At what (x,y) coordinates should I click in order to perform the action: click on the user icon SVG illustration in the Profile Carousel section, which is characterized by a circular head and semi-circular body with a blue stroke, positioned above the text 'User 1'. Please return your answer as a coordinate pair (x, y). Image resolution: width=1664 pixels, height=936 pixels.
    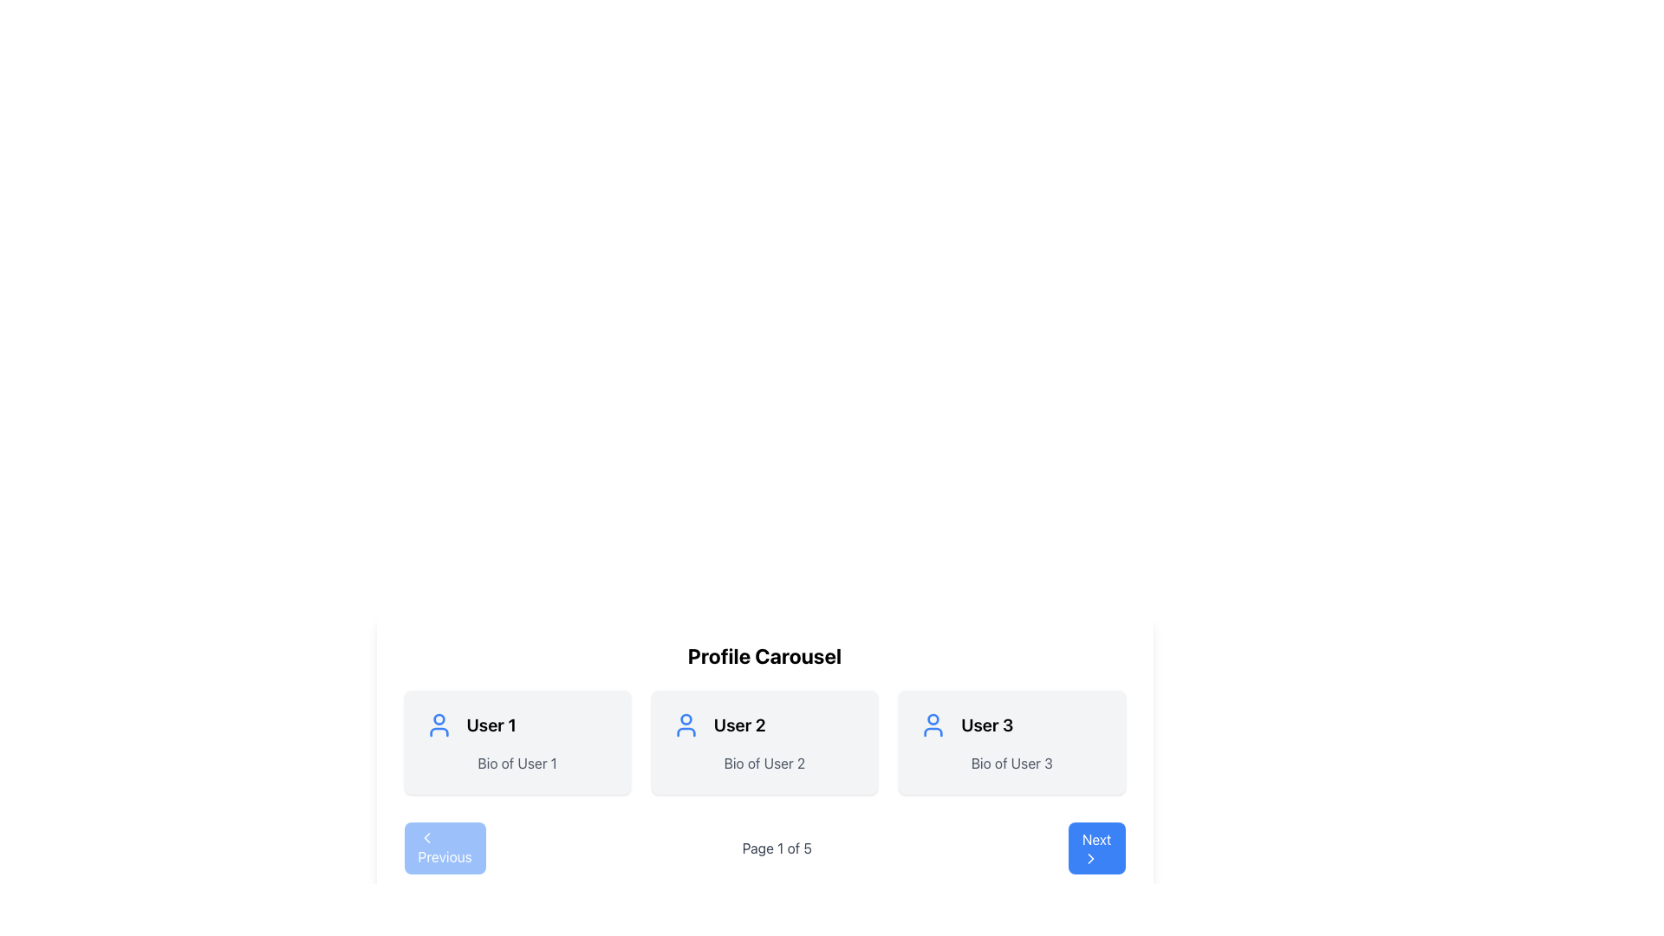
    Looking at the image, I should click on (439, 725).